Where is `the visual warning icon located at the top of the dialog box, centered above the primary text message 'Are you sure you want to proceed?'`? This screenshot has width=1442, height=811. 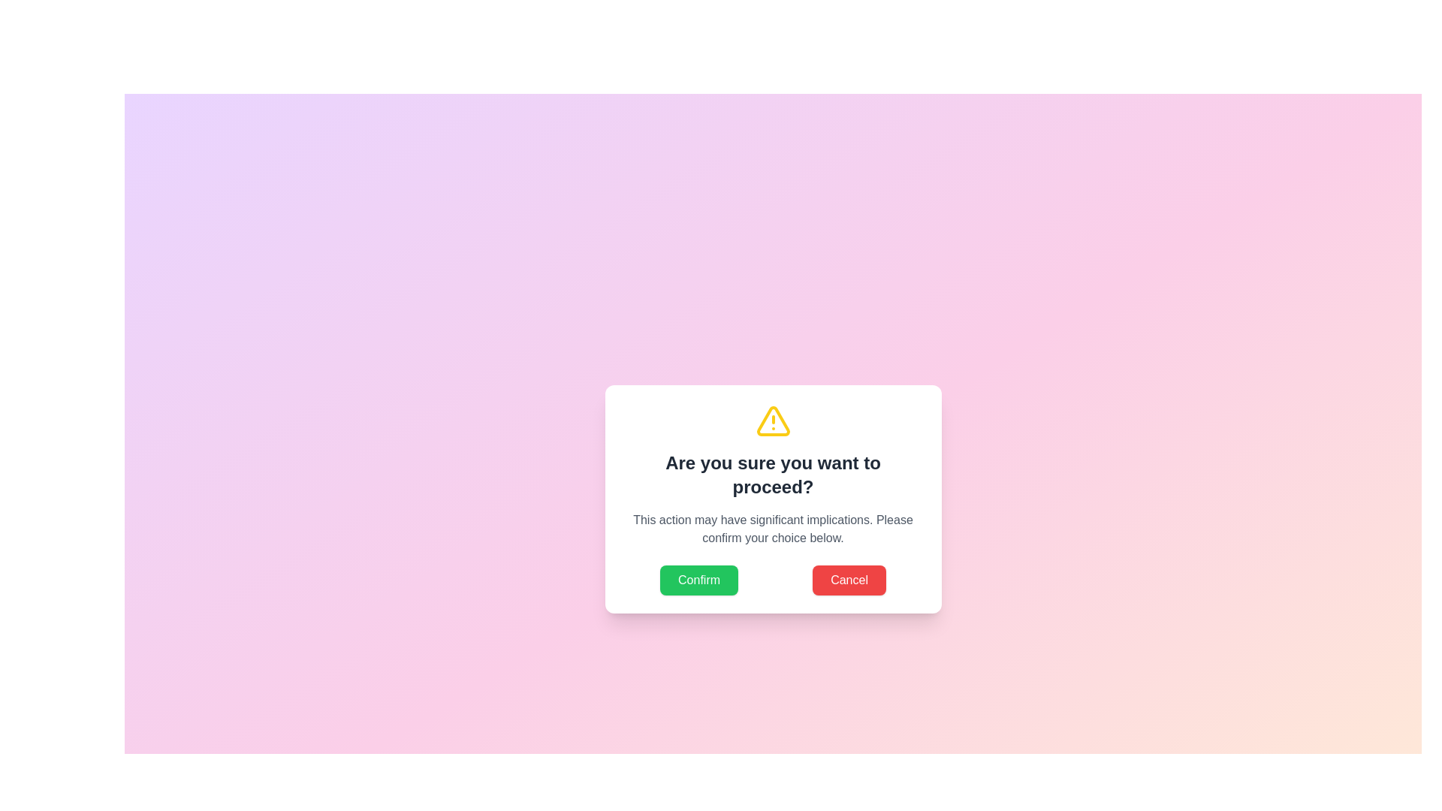 the visual warning icon located at the top of the dialog box, centered above the primary text message 'Are you sure you want to proceed?' is located at coordinates (773, 421).